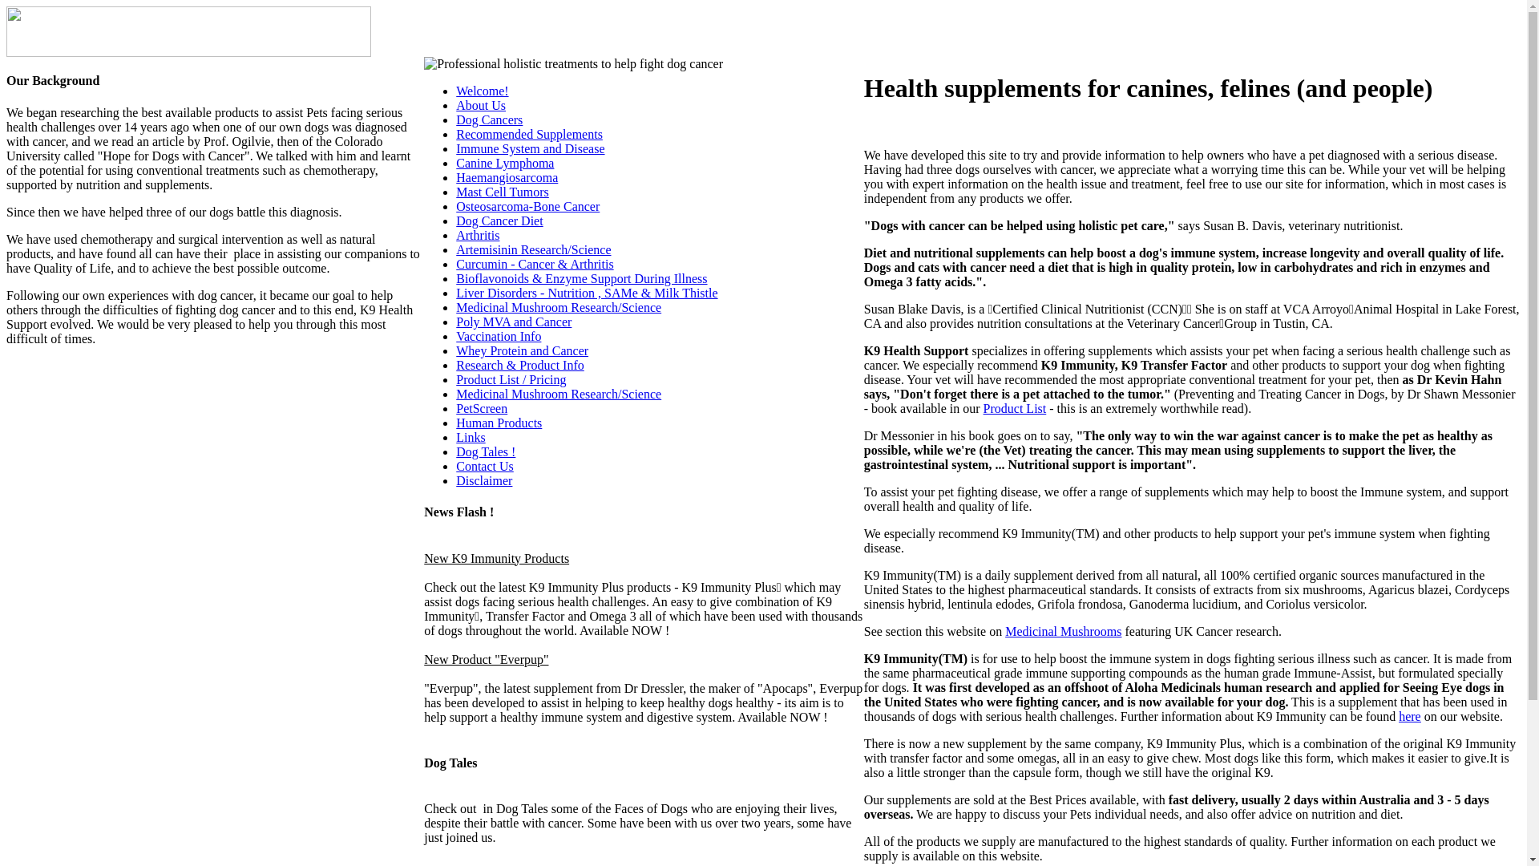 The image size is (1539, 866). What do you see at coordinates (498, 422) in the screenshot?
I see `'Human Products'` at bounding box center [498, 422].